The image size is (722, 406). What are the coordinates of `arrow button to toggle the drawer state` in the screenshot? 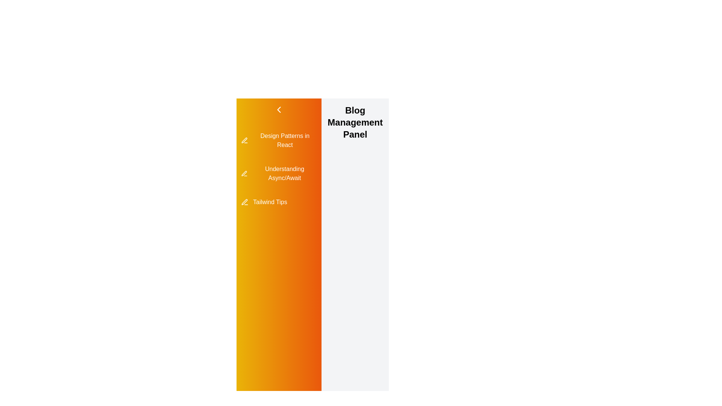 It's located at (279, 110).